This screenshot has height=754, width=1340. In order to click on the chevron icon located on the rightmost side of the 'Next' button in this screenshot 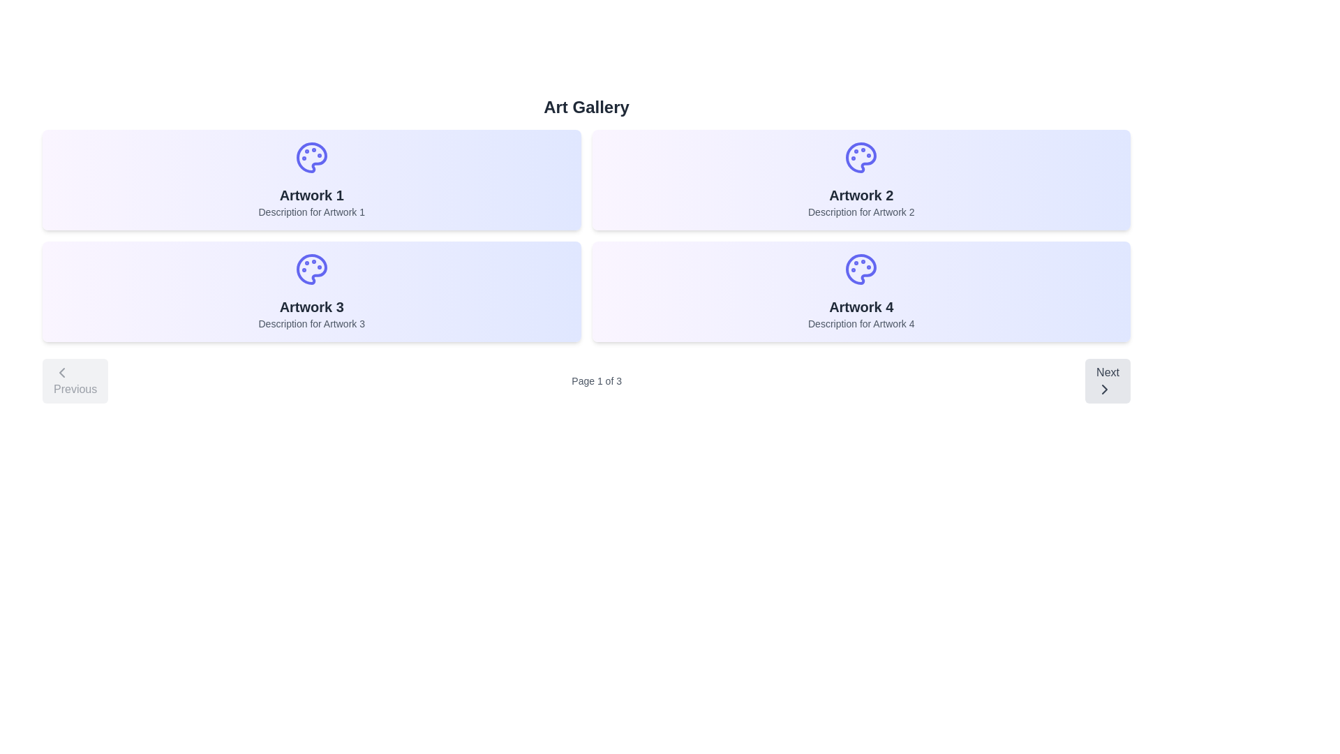, I will do `click(1104, 390)`.